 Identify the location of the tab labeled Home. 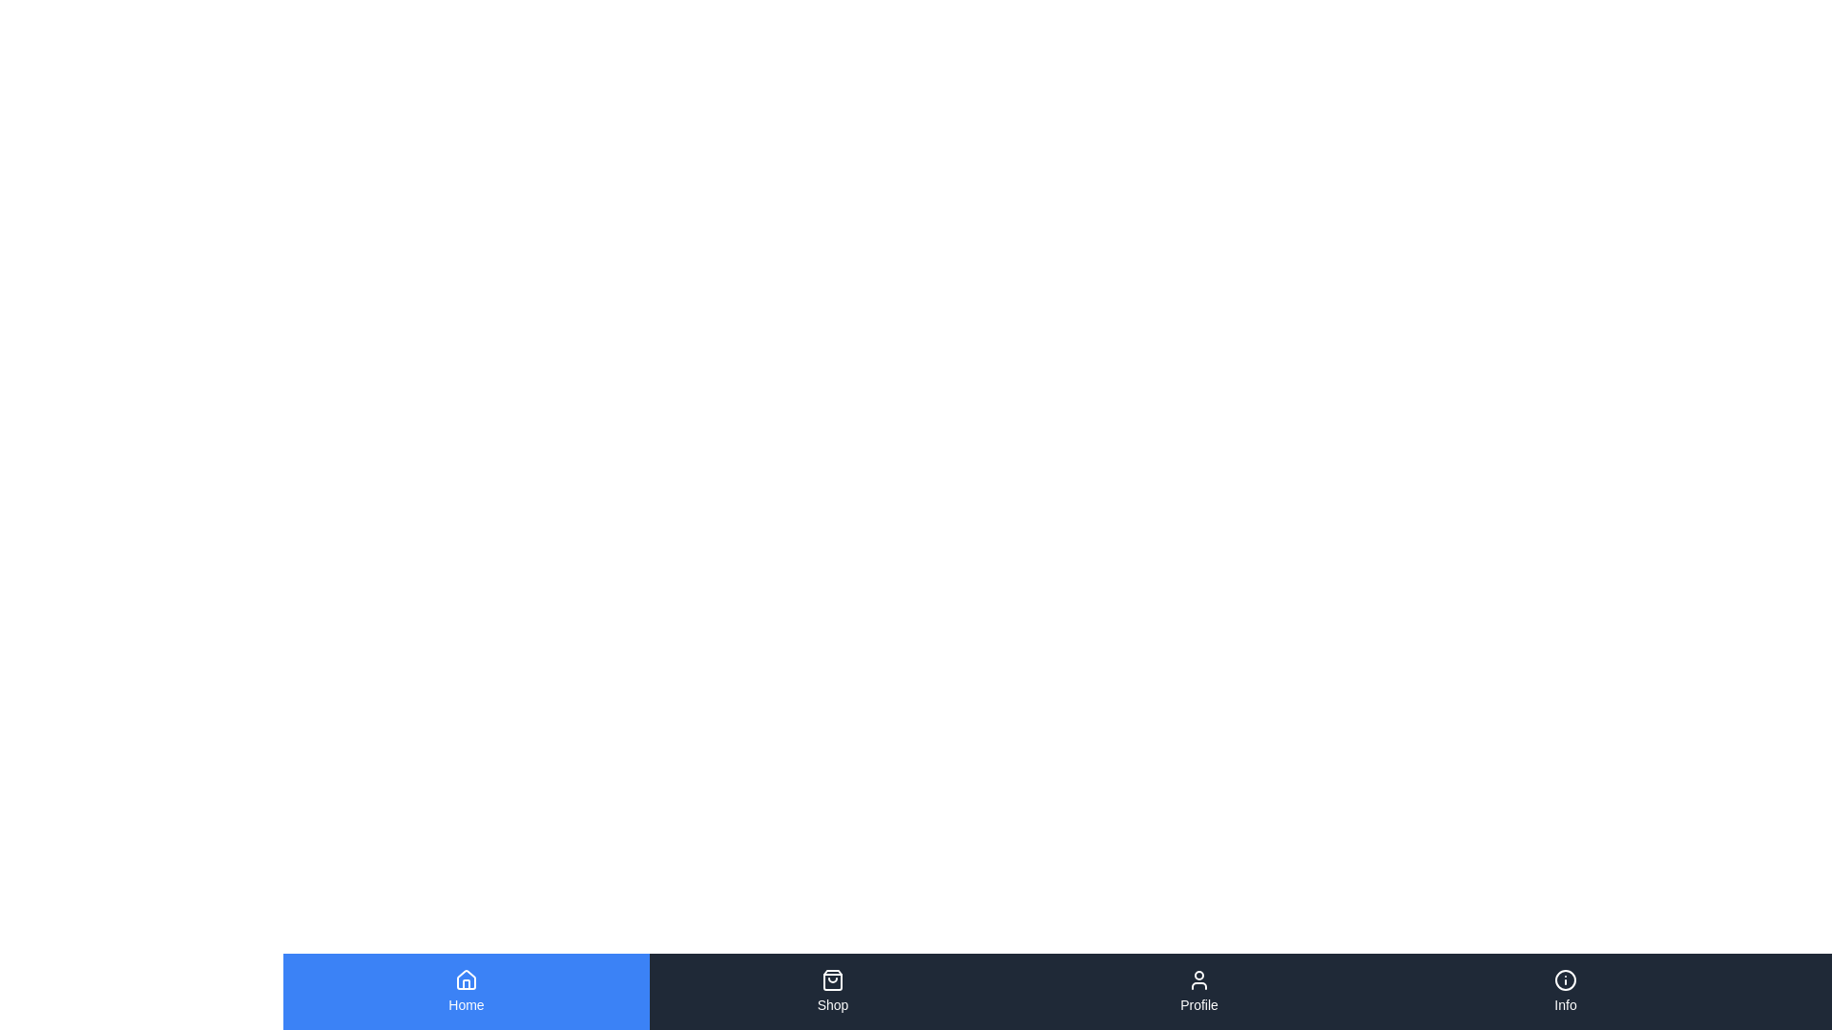
(467, 991).